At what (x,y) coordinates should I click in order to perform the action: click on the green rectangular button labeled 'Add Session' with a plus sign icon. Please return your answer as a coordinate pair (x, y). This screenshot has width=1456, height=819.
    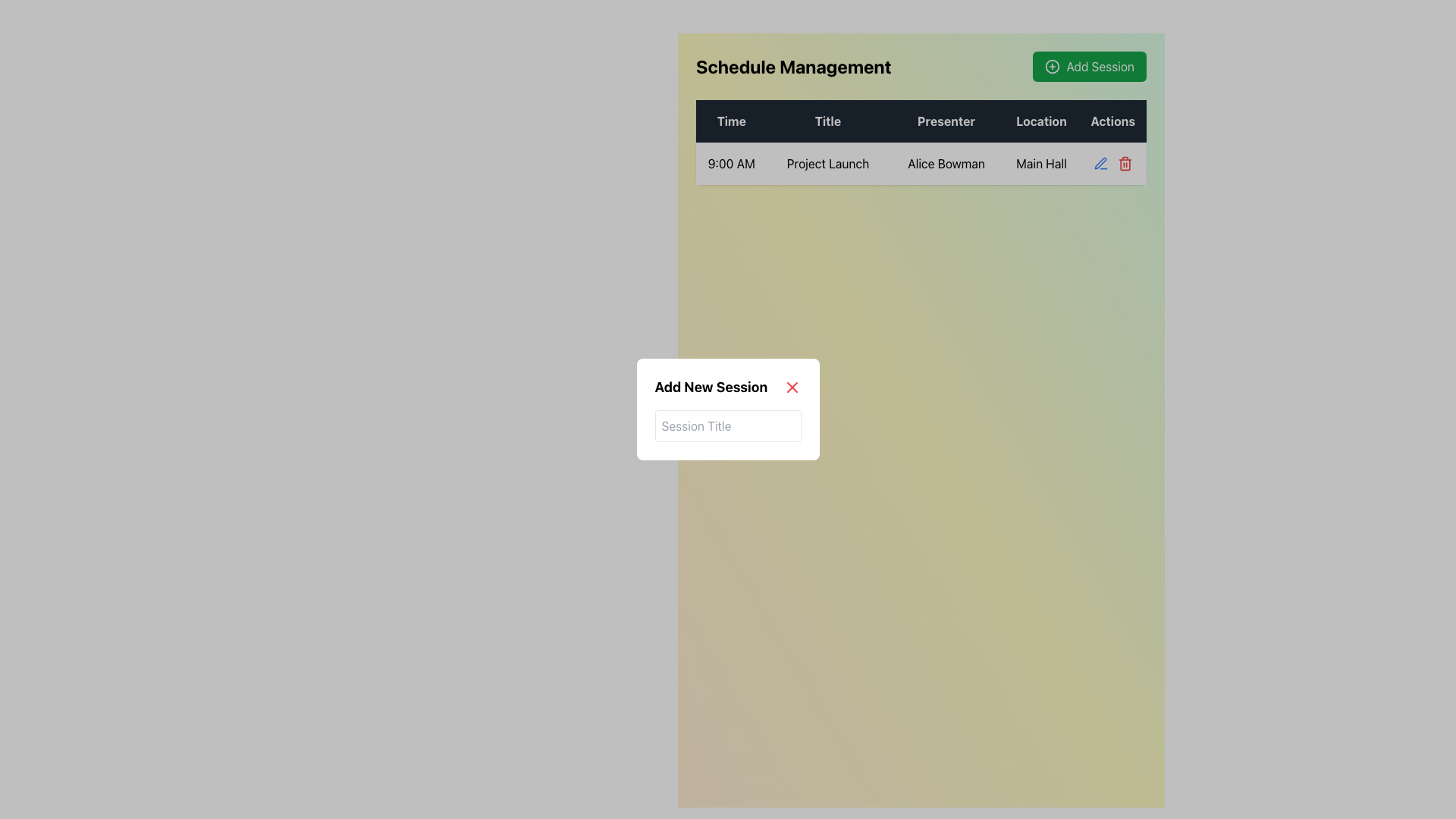
    Looking at the image, I should click on (1088, 66).